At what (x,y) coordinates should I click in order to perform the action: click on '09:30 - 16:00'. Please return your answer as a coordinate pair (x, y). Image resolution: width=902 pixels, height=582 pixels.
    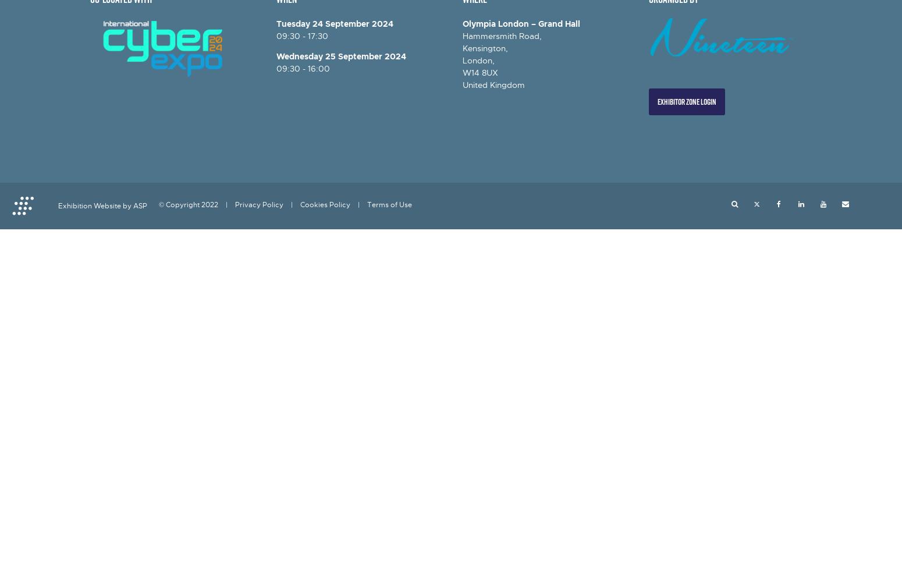
    Looking at the image, I should click on (302, 68).